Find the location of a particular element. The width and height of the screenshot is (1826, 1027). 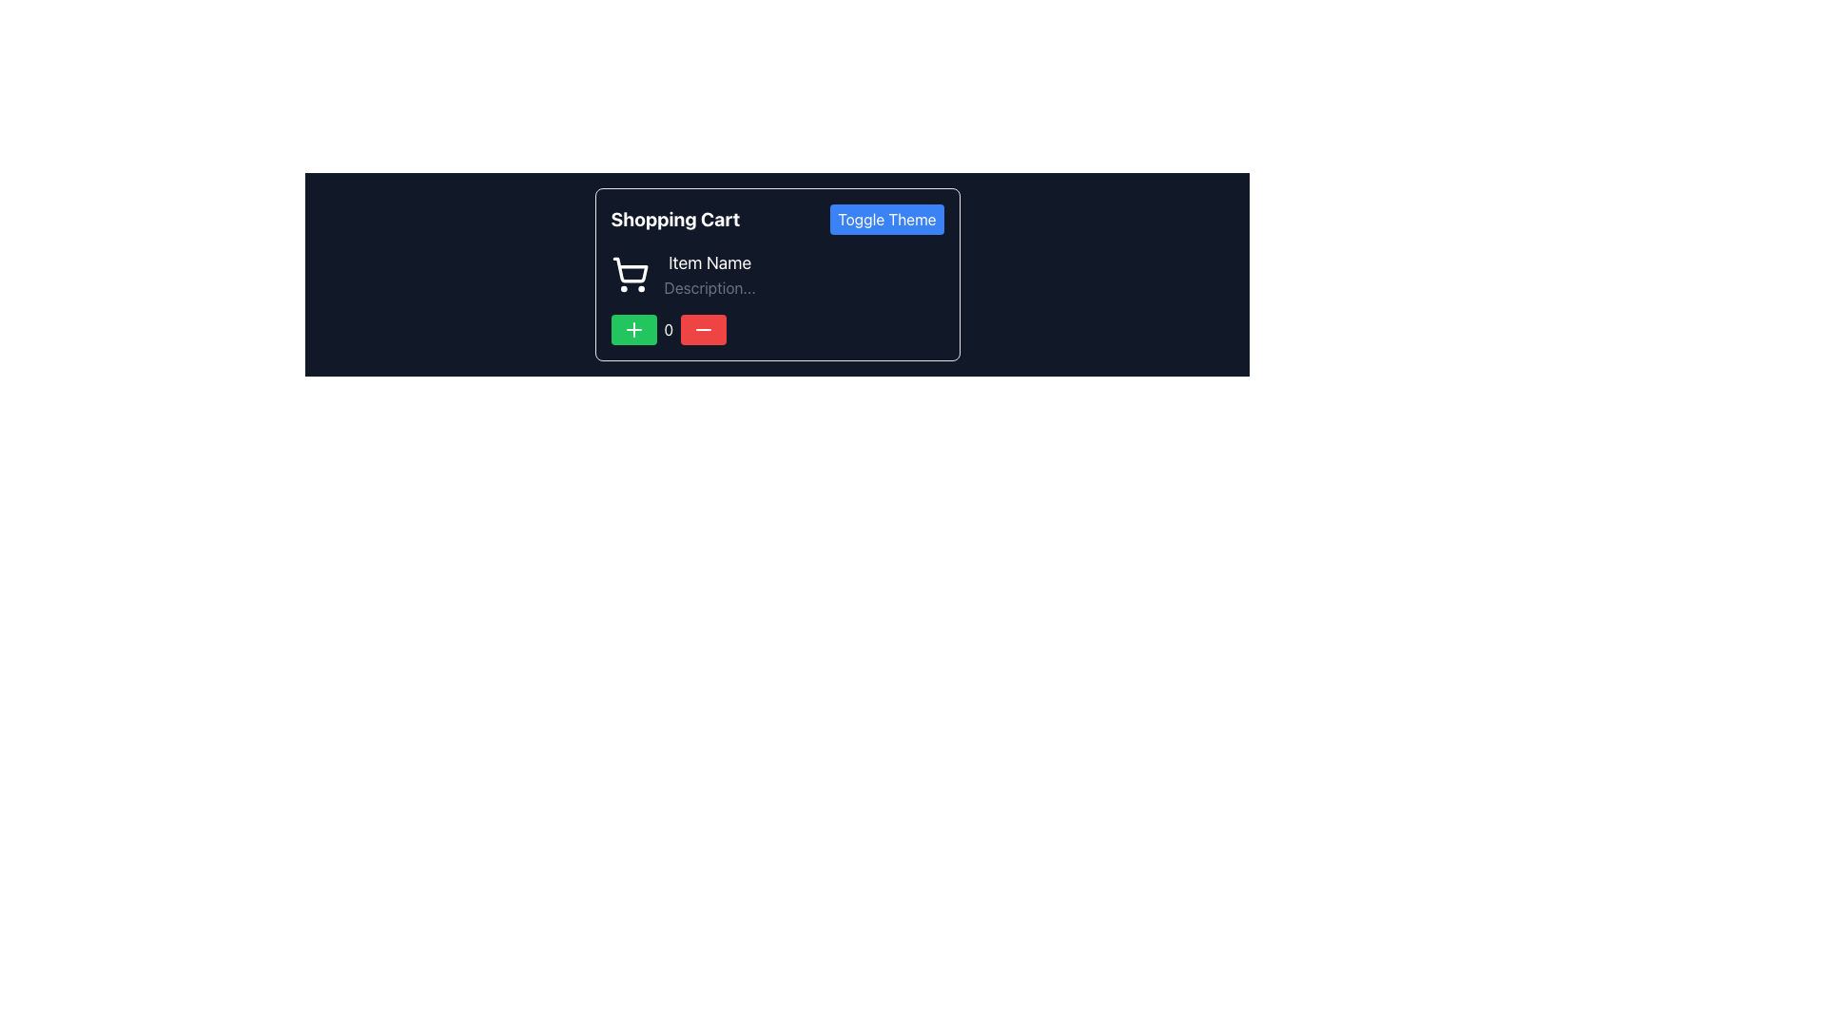

the text label displaying the current count value, positioned between a green plus button and a red minus button in the shopping cart interface is located at coordinates (669, 329).